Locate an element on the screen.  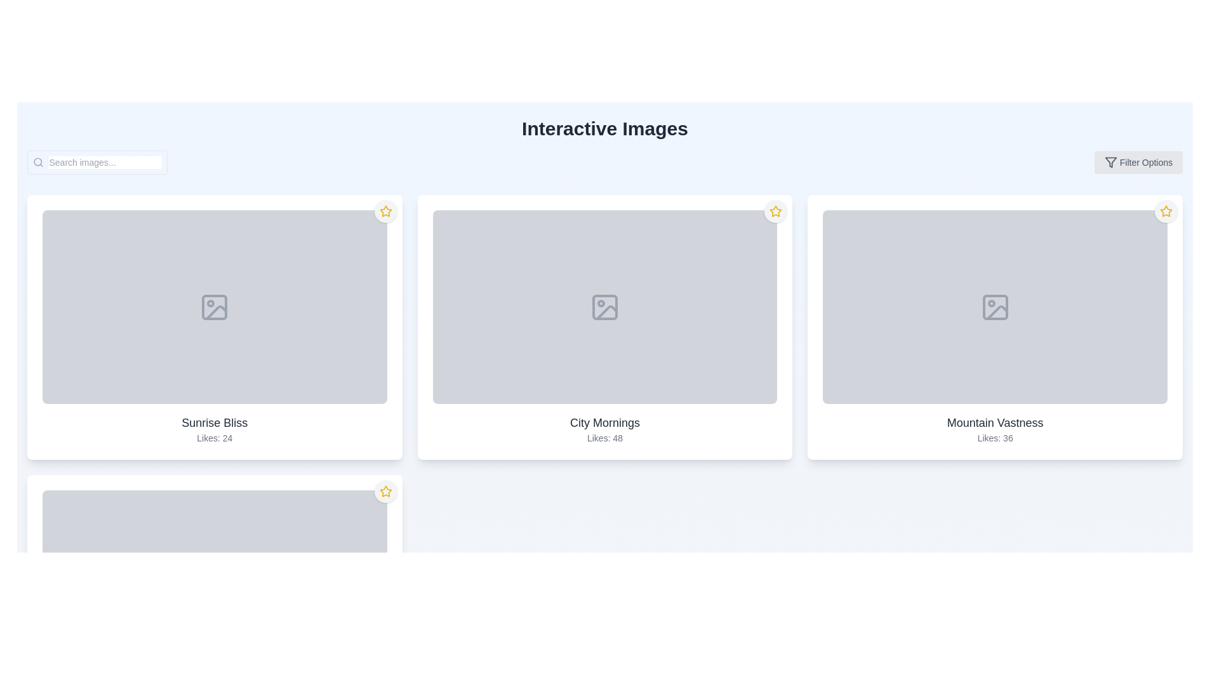
the filter tool icon located in the top-right section of the interface, which represents filtering settings or options is located at coordinates (1110, 161).